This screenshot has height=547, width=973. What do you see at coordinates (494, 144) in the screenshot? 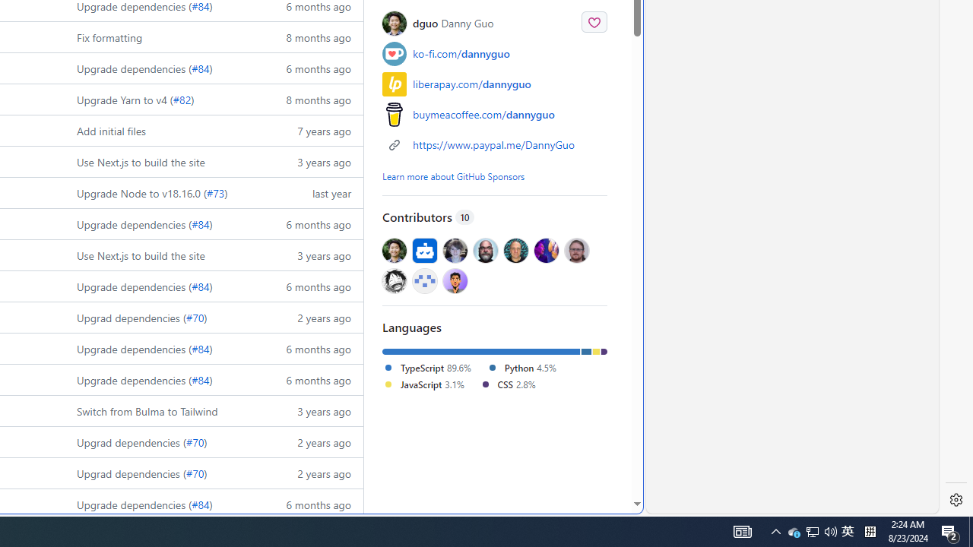
I see `'https://www.paypal.me/DannyGuo'` at bounding box center [494, 144].